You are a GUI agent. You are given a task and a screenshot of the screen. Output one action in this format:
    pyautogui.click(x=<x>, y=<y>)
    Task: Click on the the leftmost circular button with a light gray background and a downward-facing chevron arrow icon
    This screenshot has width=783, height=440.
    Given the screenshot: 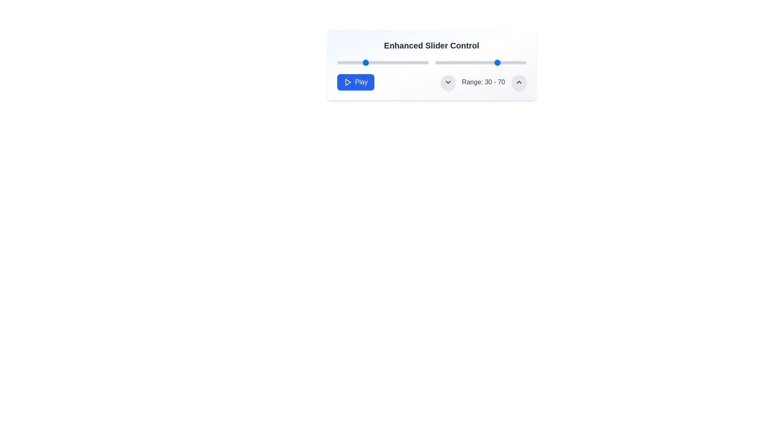 What is the action you would take?
    pyautogui.click(x=447, y=82)
    